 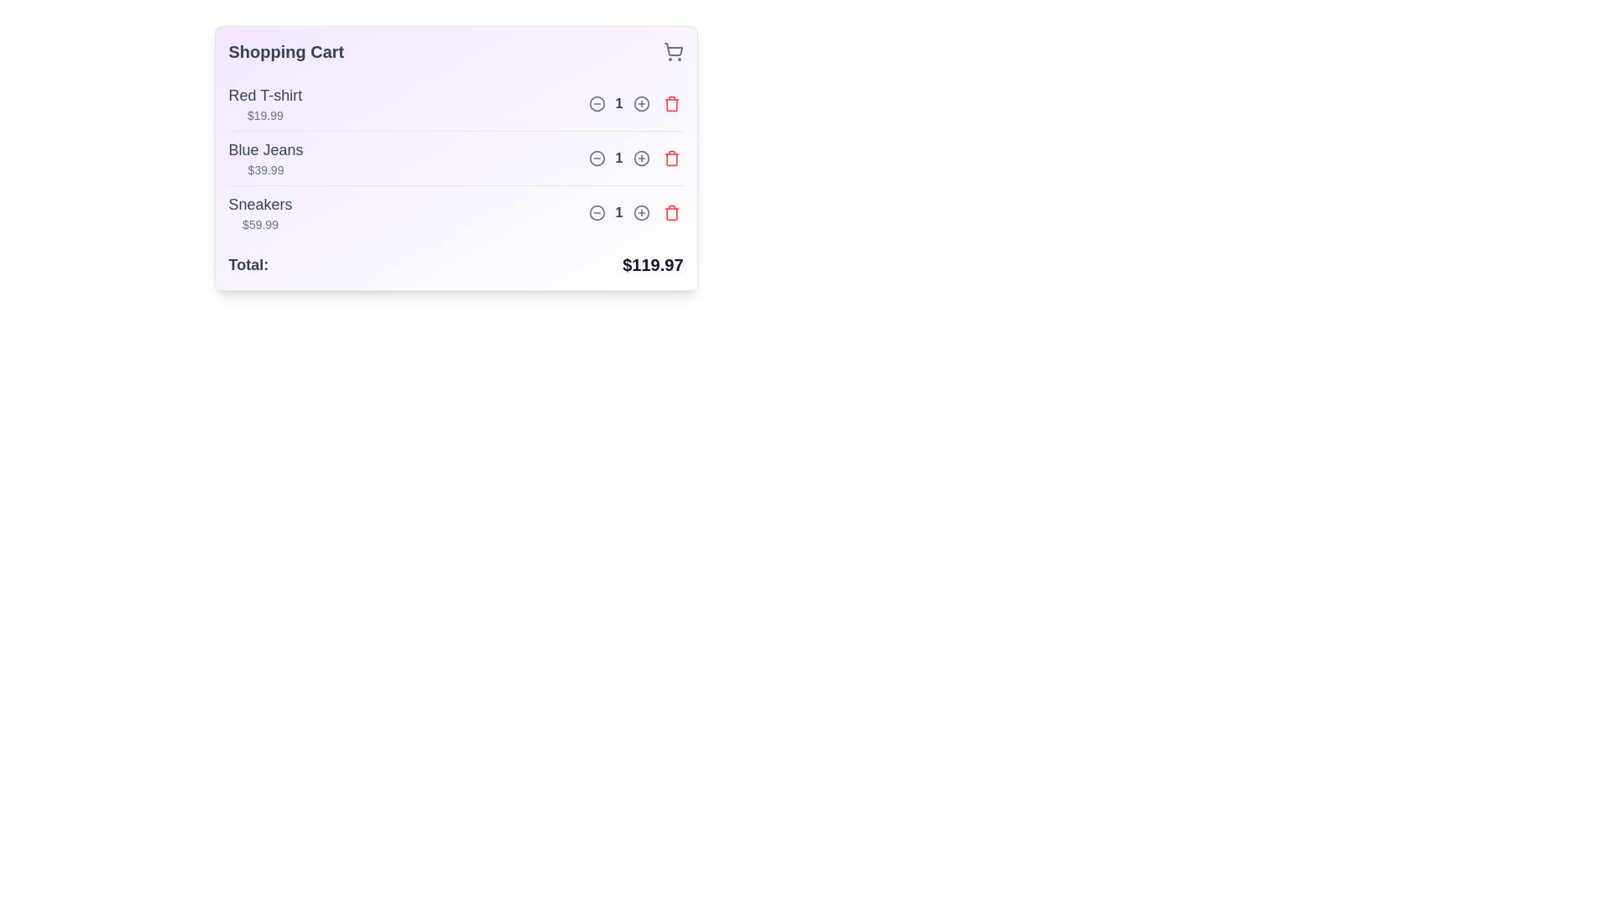 What do you see at coordinates (264, 96) in the screenshot?
I see `the text label displaying 'Red T-shirt' in bold gray font, located in the upper-left corner of the shopping cart interface` at bounding box center [264, 96].